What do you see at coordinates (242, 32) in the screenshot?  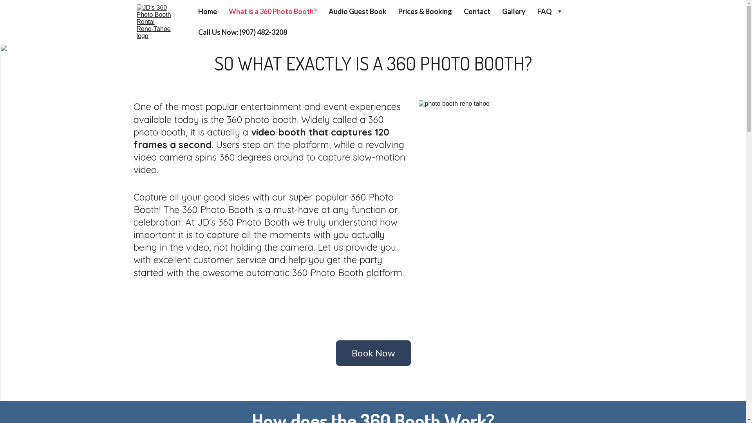 I see `'Call Us Now: (907) 482-3208'` at bounding box center [242, 32].